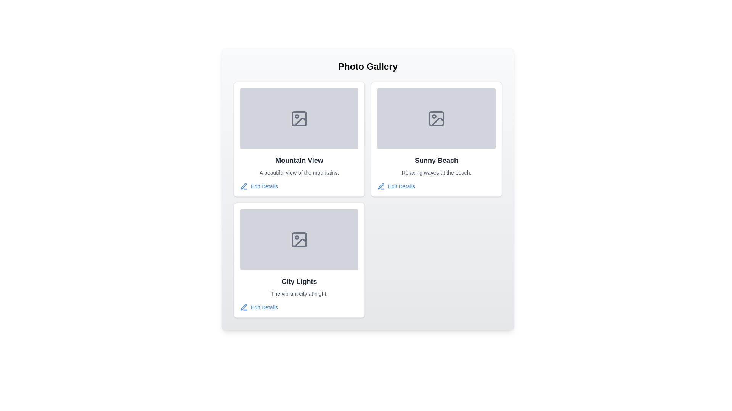 This screenshot has height=411, width=732. What do you see at coordinates (259, 186) in the screenshot?
I see `the 'Edit Details' button for the item titled Mountain View` at bounding box center [259, 186].